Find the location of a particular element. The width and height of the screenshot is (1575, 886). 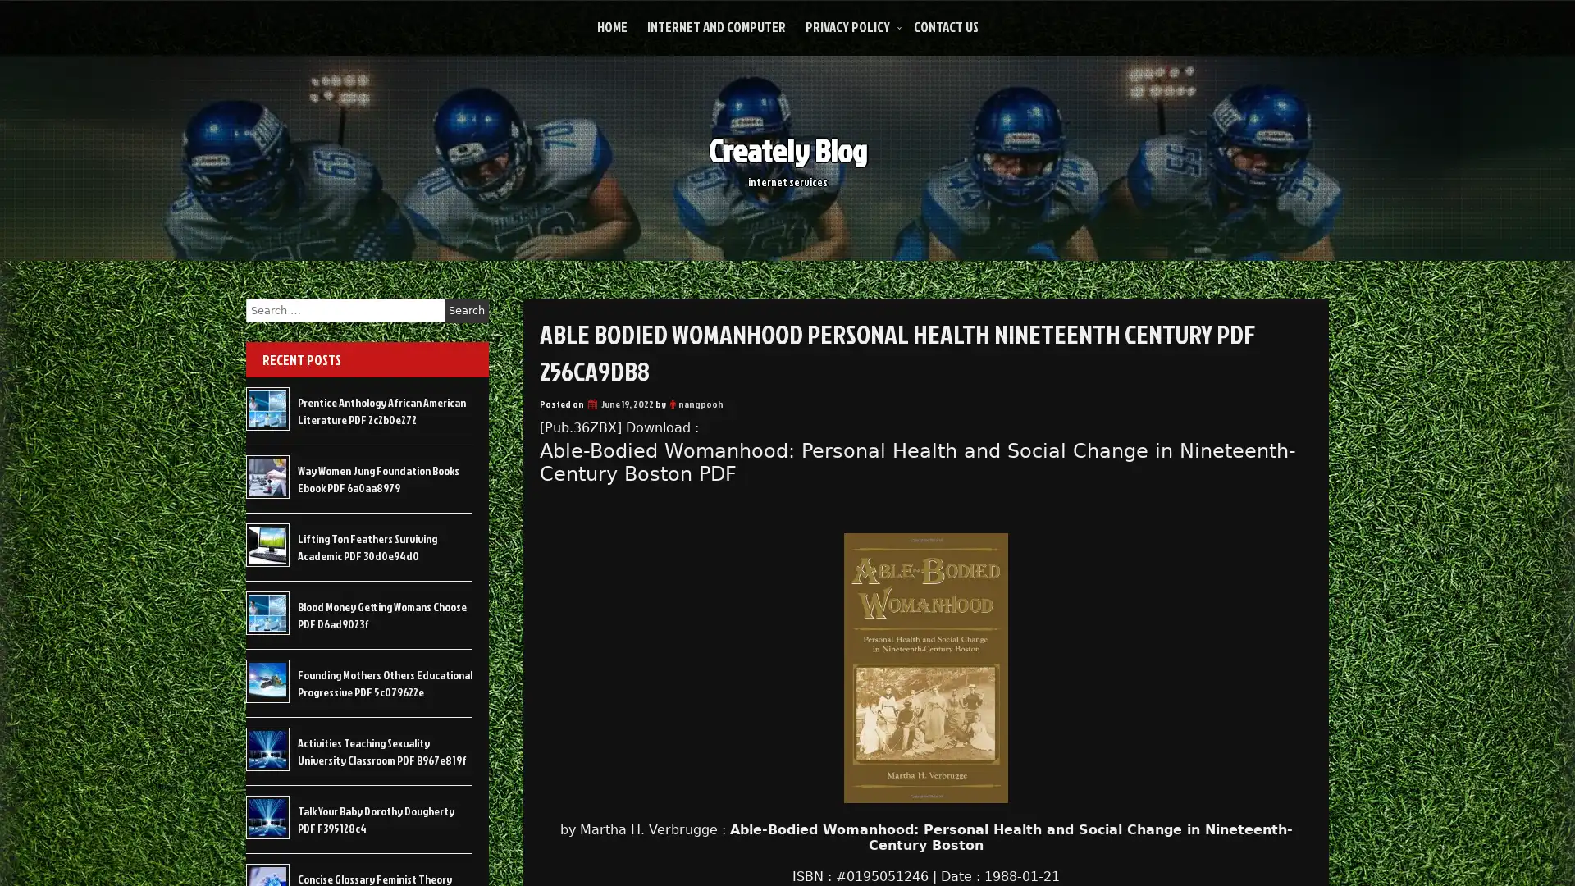

Search is located at coordinates (466, 310).